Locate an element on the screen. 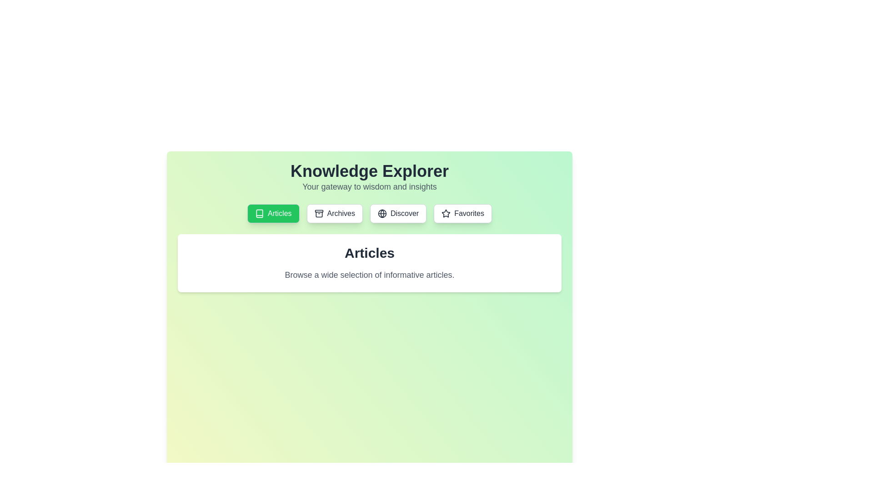  the tab labeled Archives is located at coordinates (334, 214).